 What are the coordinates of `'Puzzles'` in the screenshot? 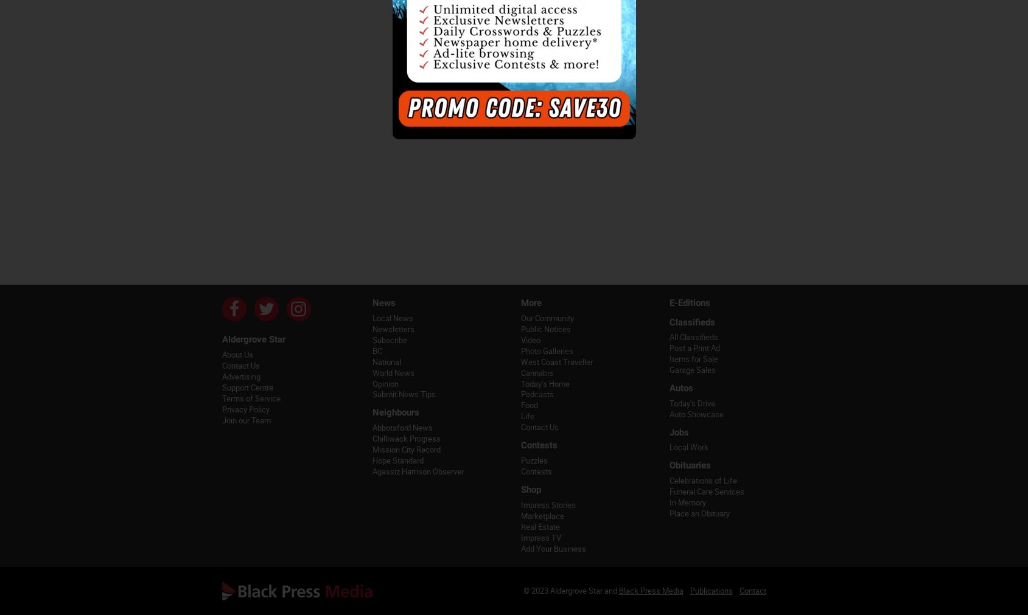 It's located at (534, 460).